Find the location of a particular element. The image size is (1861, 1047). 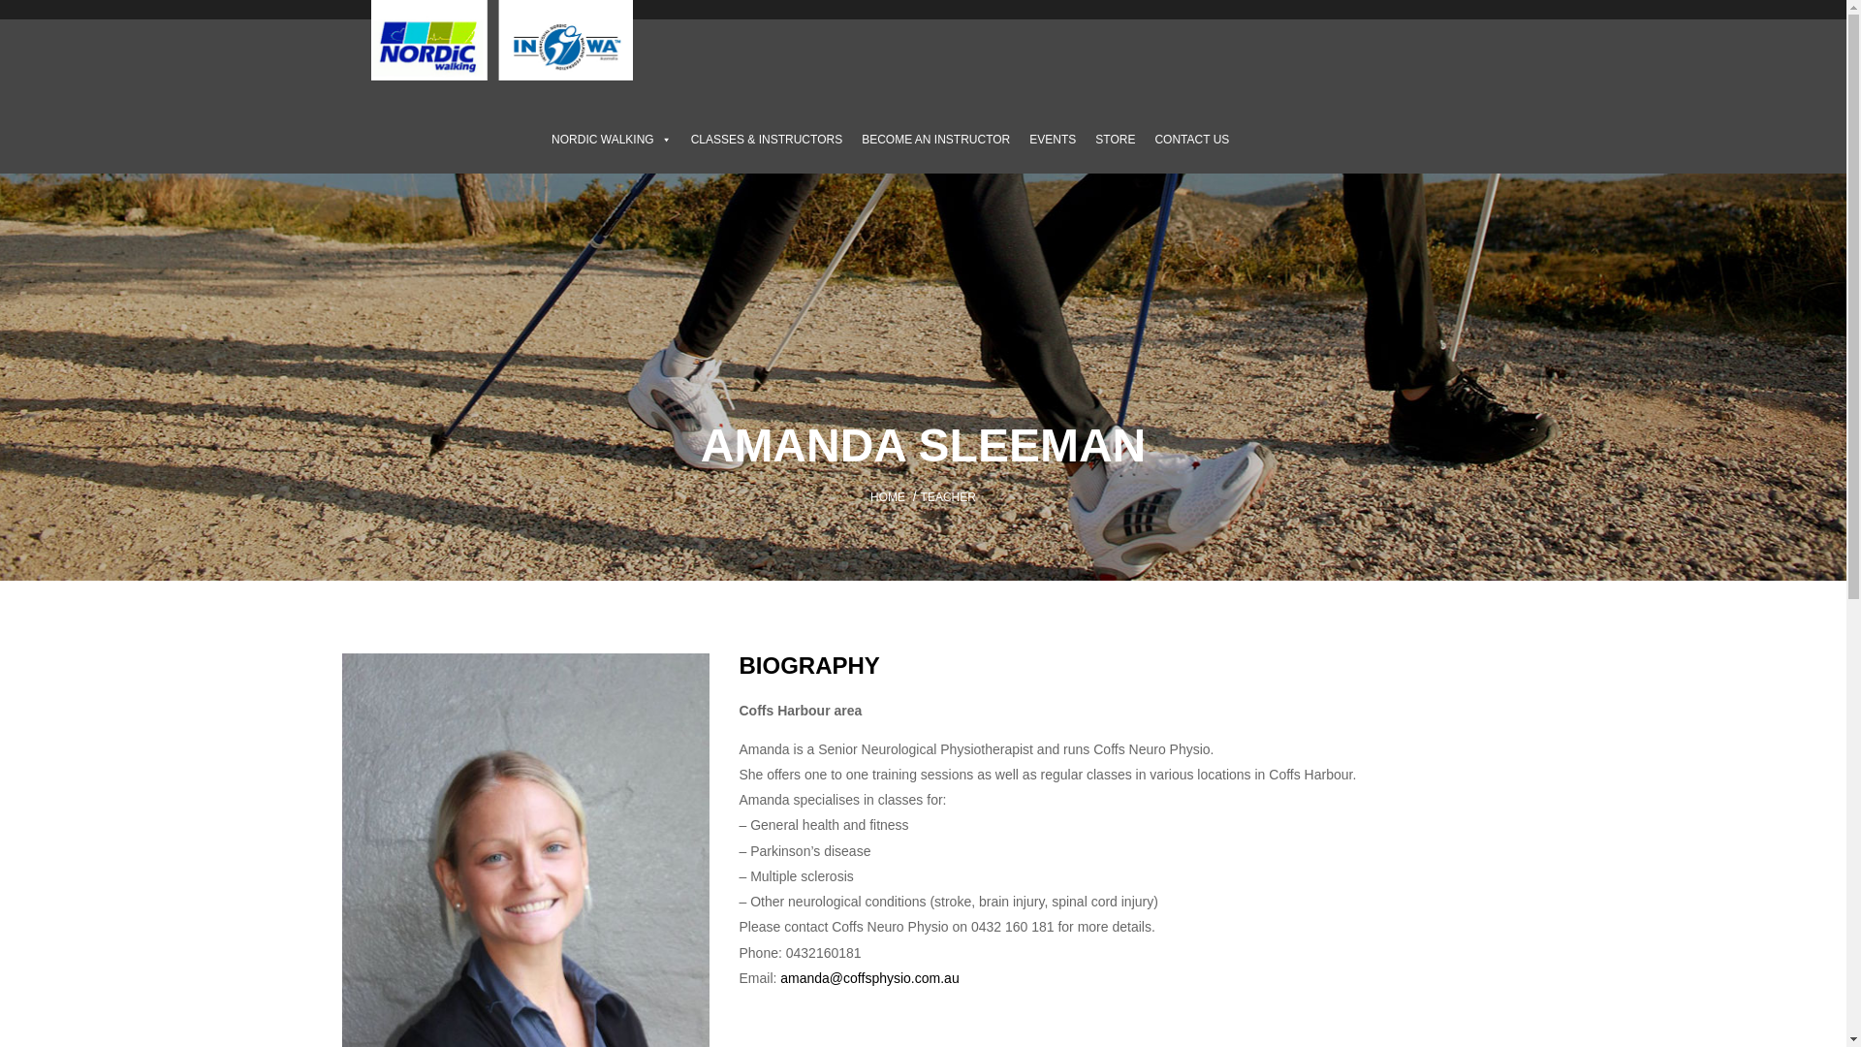

'TEACHER' is located at coordinates (948, 496).